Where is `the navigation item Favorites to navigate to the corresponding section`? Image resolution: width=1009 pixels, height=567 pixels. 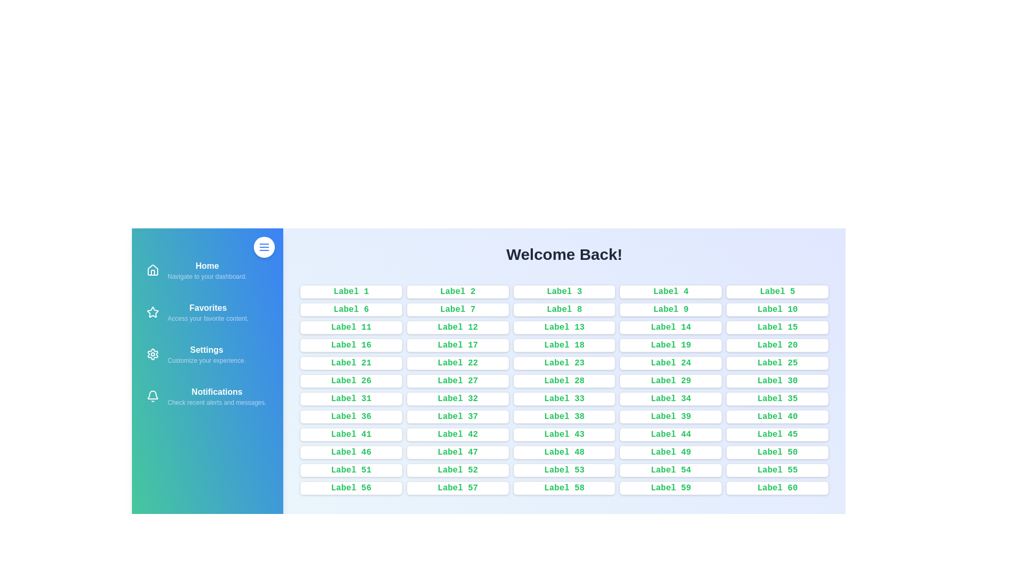
the navigation item Favorites to navigate to the corresponding section is located at coordinates (207, 311).